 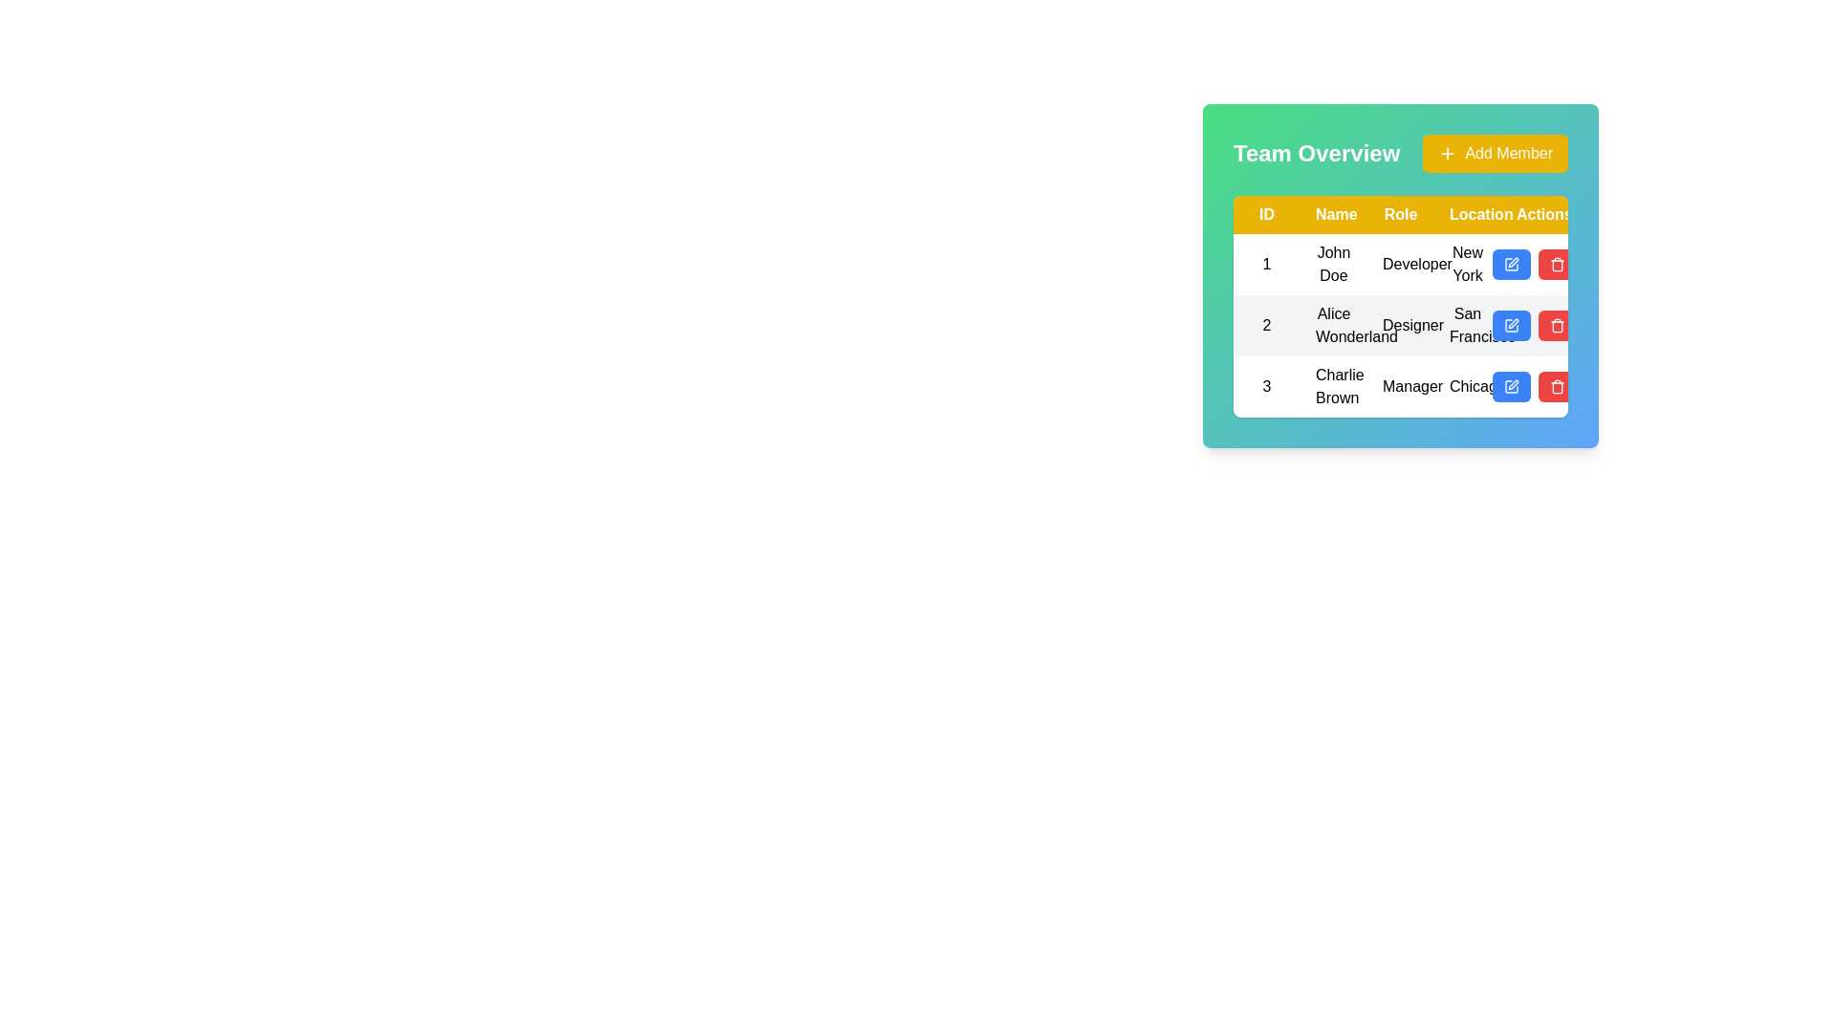 I want to click on the static text label displaying the job title or function, which is located in the third row and third column of the table, positioned to the right of 'Charlie Brown' and to the left of 'Chicago', so click(x=1400, y=387).